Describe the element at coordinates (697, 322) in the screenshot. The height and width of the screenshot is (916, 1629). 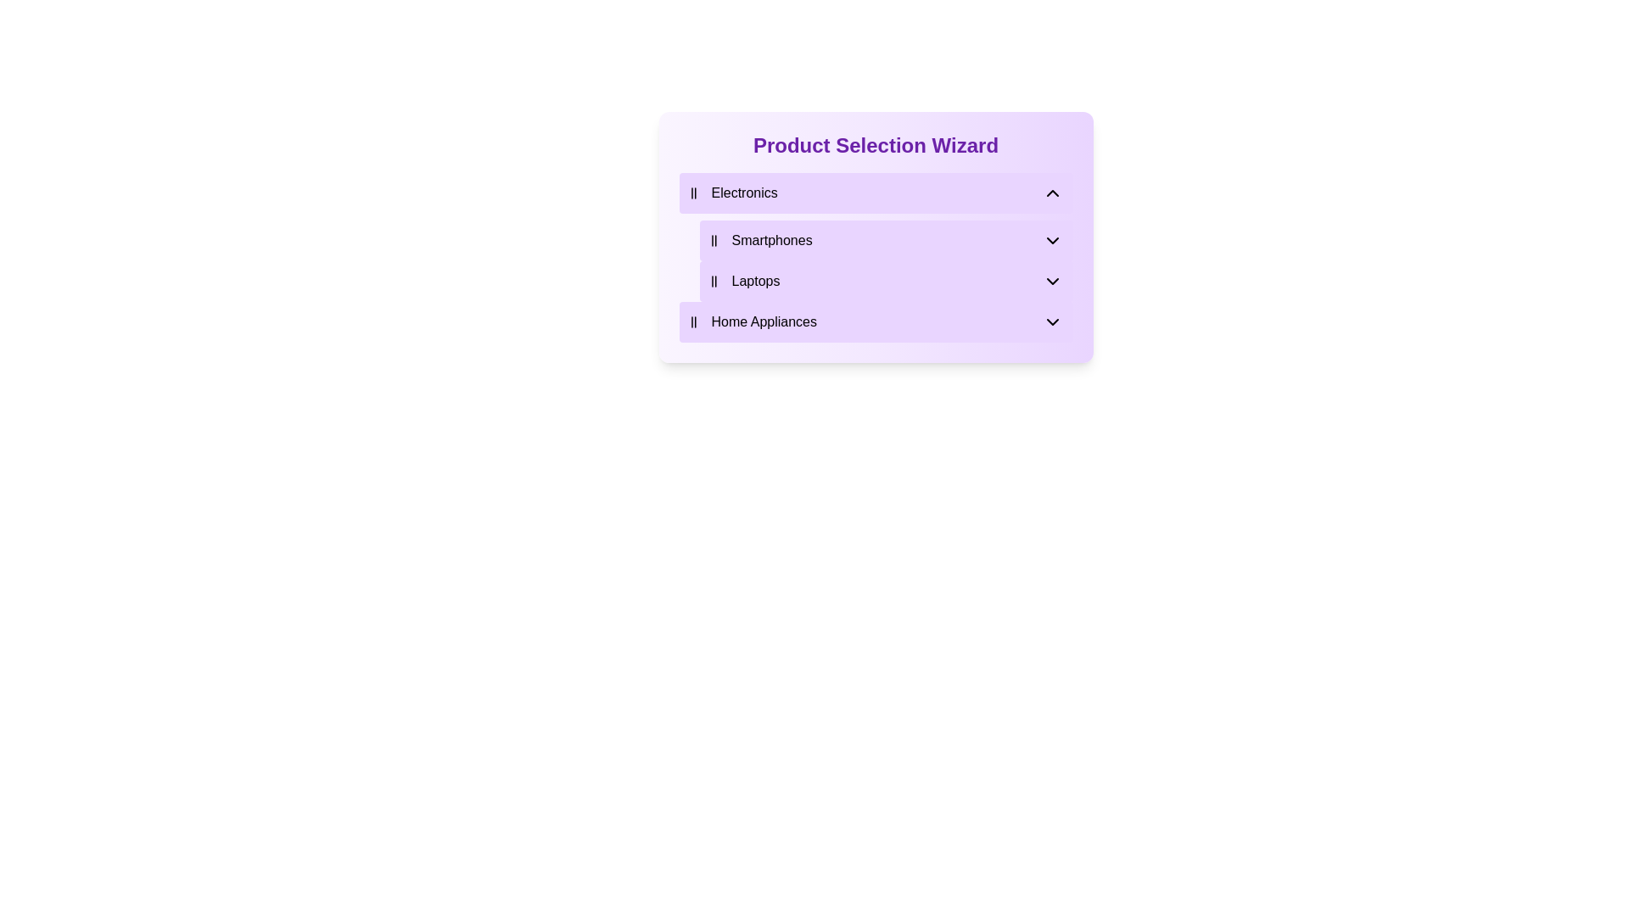
I see `the icon depicting two vertical tally marks` at that location.